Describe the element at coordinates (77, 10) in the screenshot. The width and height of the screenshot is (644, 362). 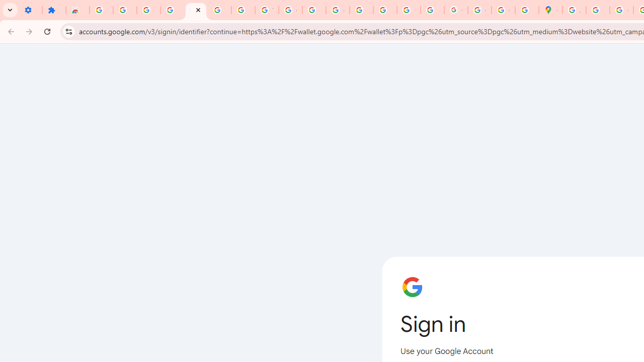
I see `'Reviews: Helix Fruit Jump Arcade Game'` at that location.